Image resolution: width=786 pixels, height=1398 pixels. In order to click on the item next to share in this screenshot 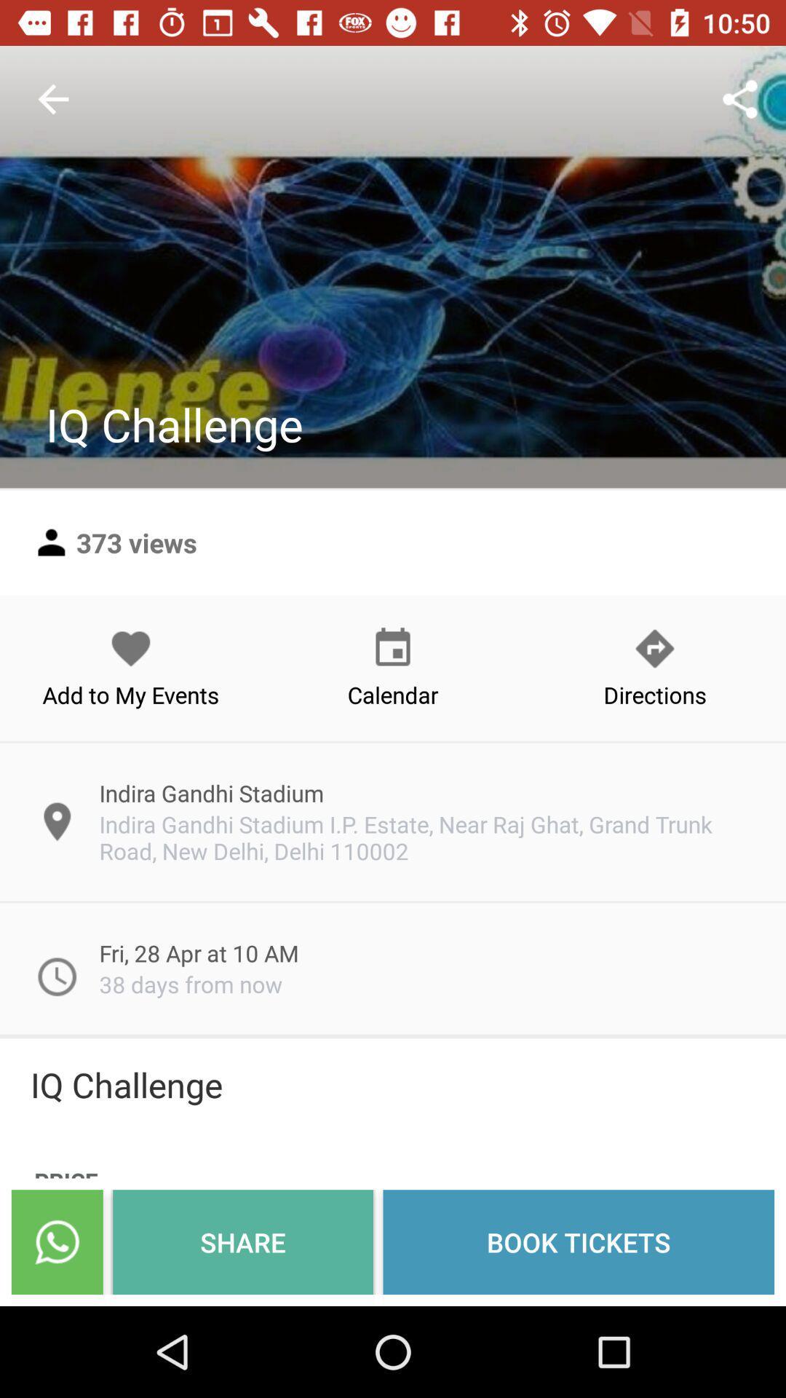, I will do `click(578, 1241)`.